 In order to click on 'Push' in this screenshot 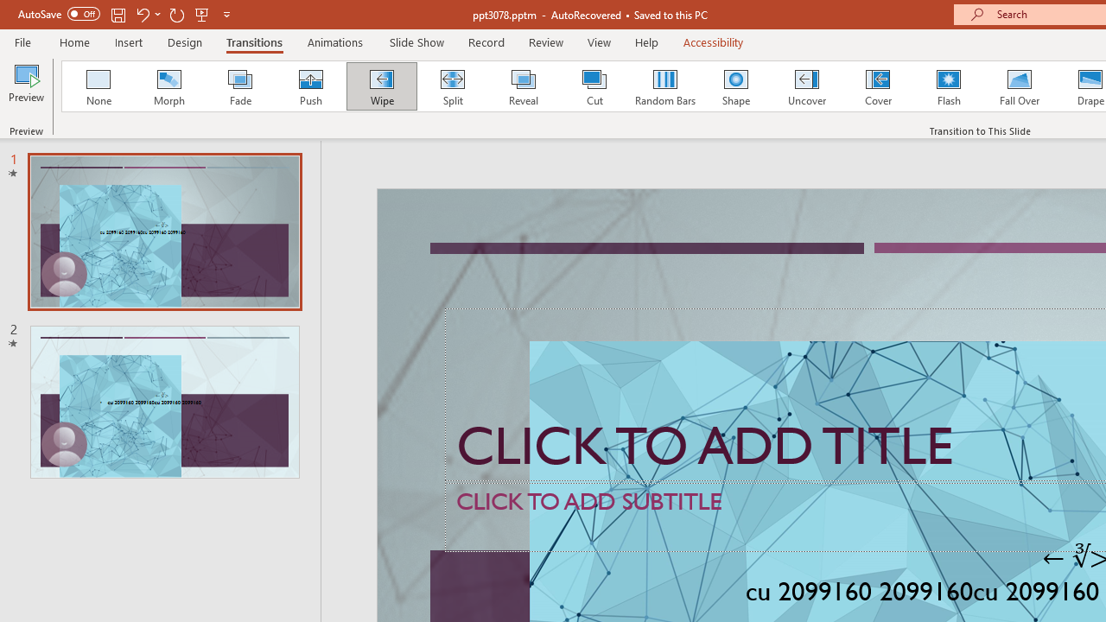, I will do `click(310, 86)`.